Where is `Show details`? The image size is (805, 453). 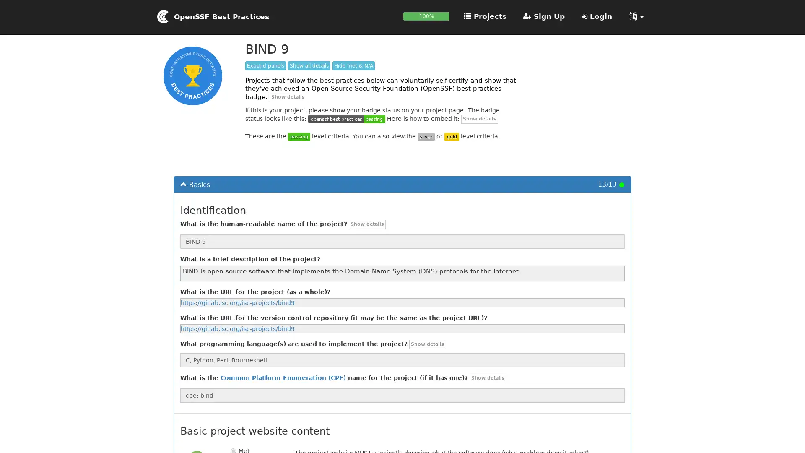
Show details is located at coordinates (288, 96).